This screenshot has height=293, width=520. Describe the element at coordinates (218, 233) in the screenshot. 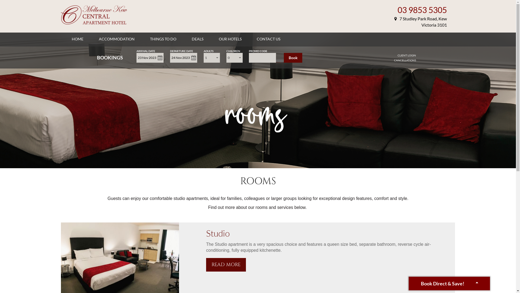

I see `'Studio'` at that location.